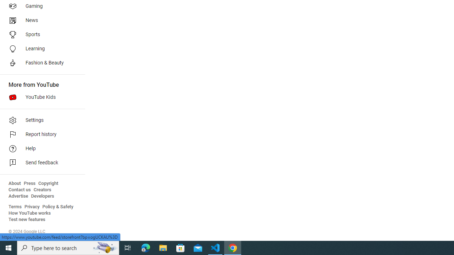 The height and width of the screenshot is (255, 454). I want to click on 'Policy & Safety', so click(58, 207).